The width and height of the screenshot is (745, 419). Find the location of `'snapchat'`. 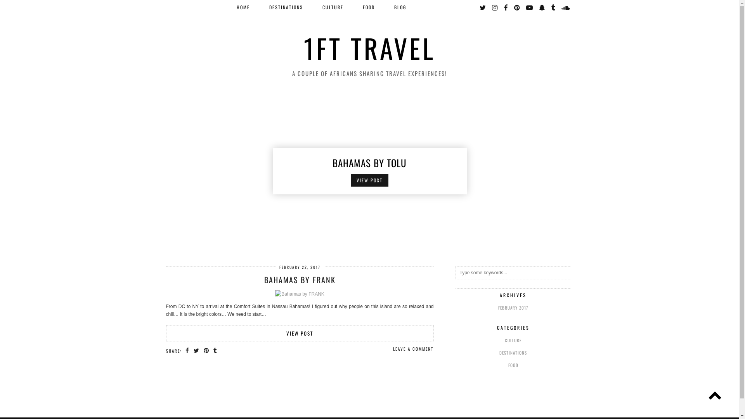

'snapchat' is located at coordinates (538, 7).